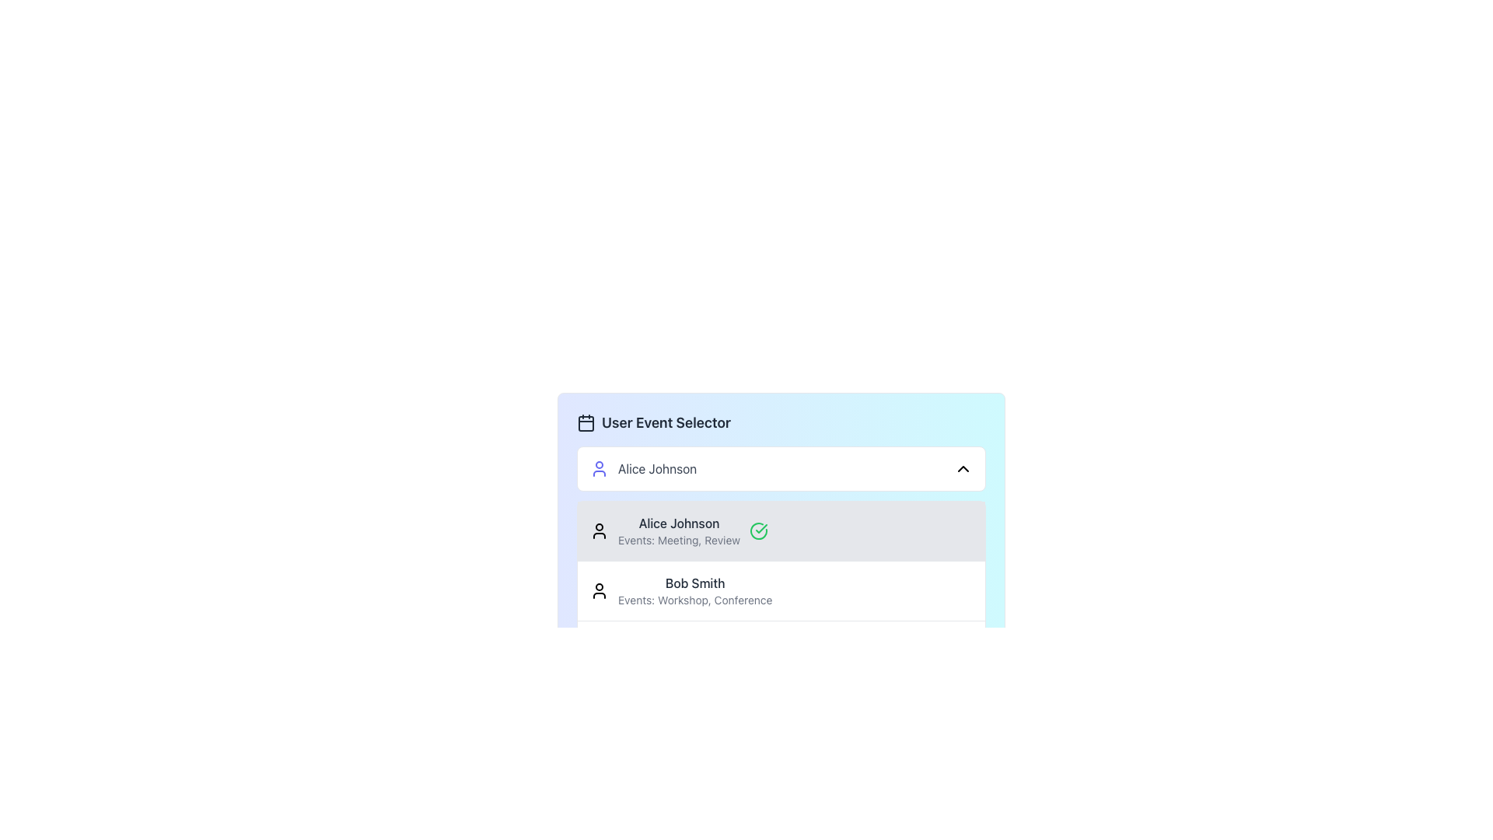 The image size is (1493, 840). I want to click on the Text Label displaying 'Events: Meeting, Review' located directly beneath 'Alice Johnson', so click(679, 539).